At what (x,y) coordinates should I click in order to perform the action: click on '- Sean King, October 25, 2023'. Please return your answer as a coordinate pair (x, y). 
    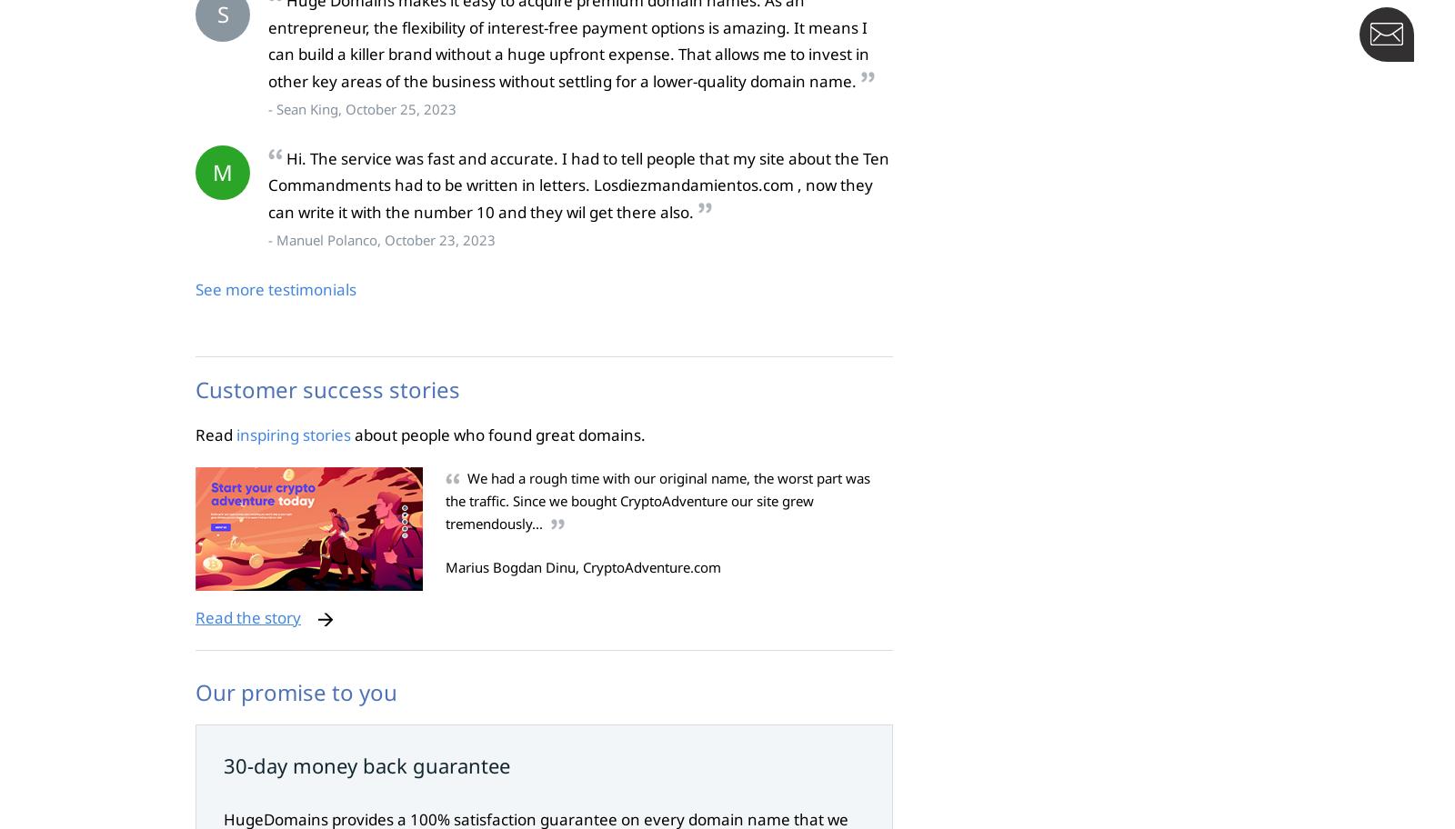
    Looking at the image, I should click on (362, 107).